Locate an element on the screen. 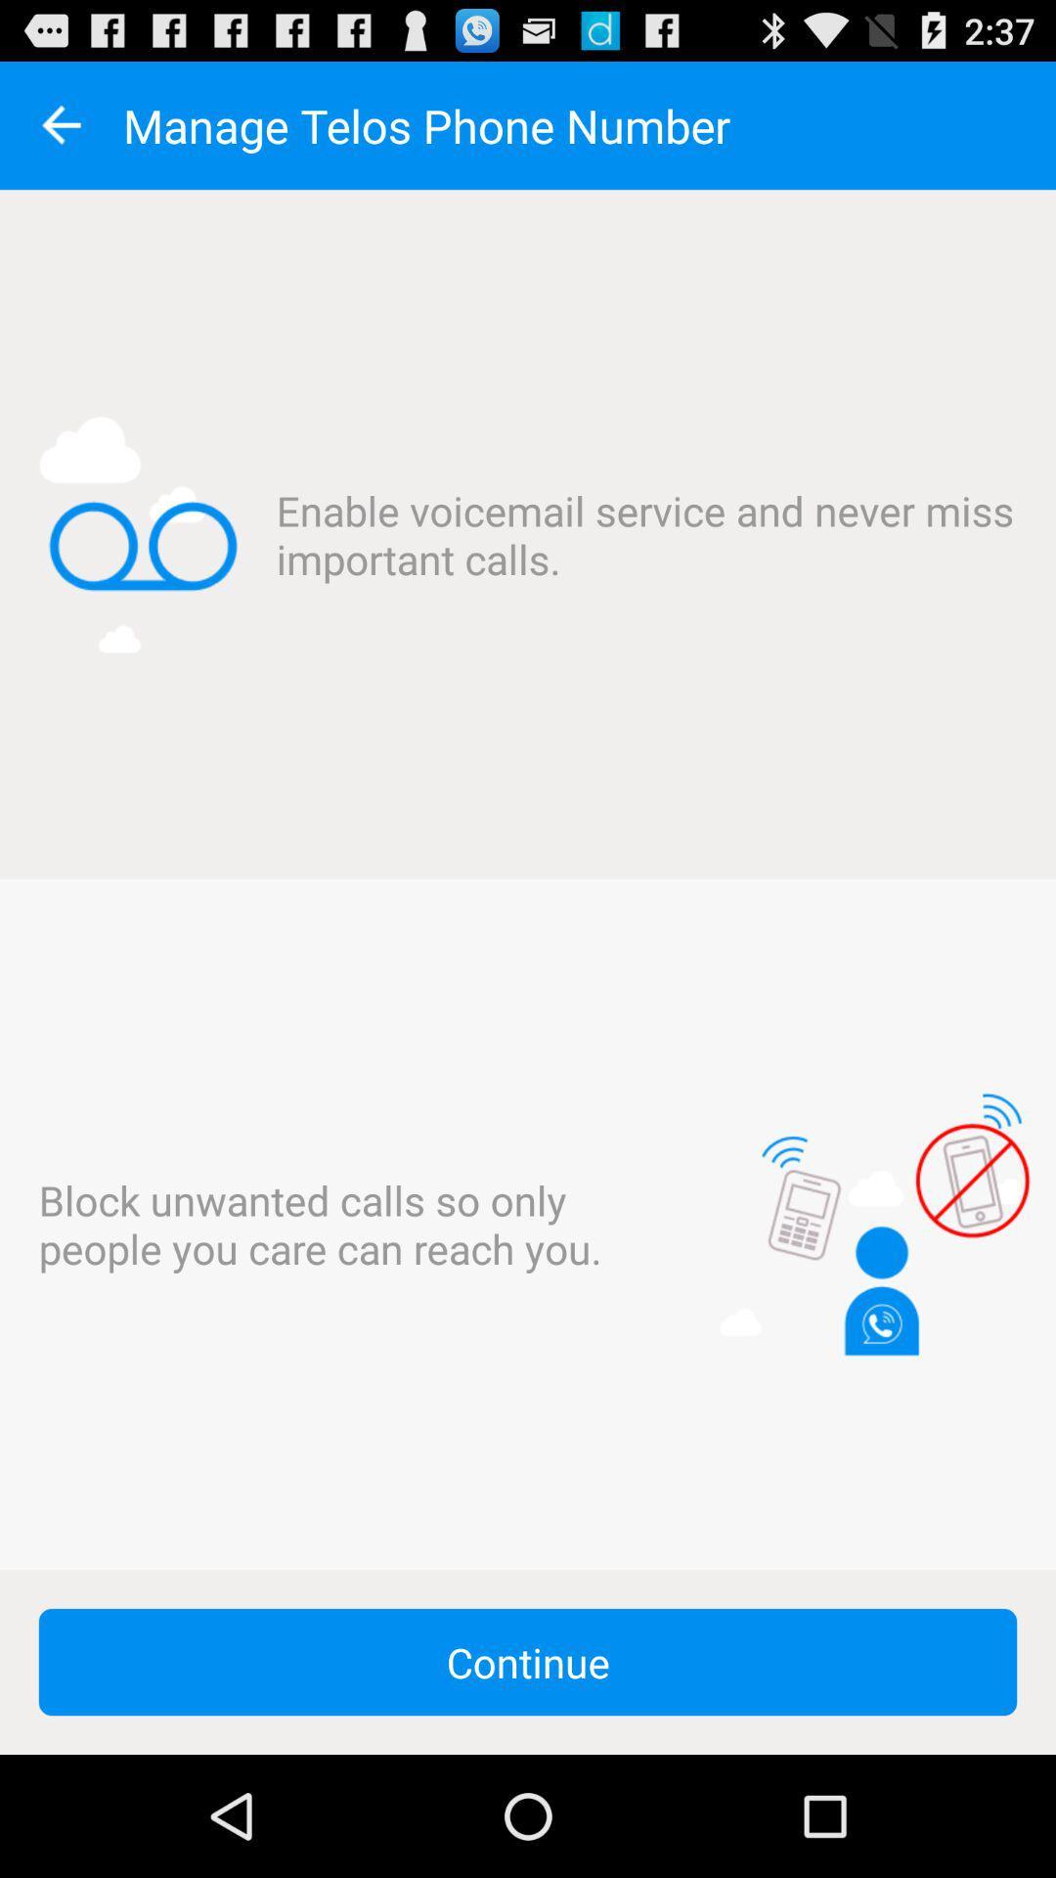 The width and height of the screenshot is (1056, 1878). continue item is located at coordinates (528, 1661).